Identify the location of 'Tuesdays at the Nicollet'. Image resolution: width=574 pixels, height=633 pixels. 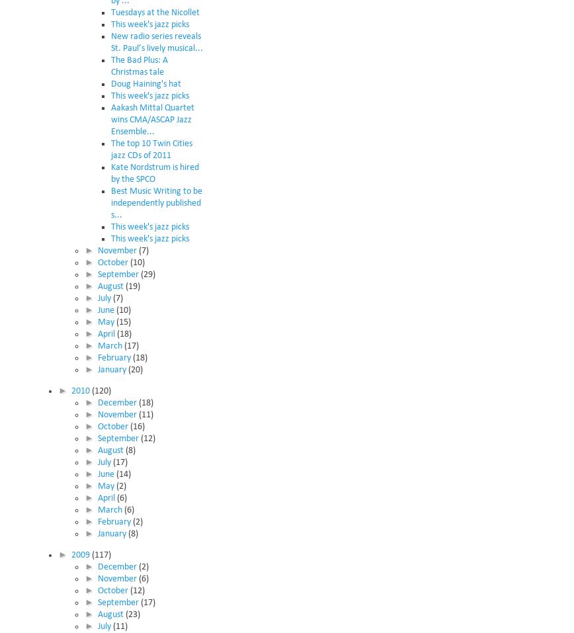
(155, 11).